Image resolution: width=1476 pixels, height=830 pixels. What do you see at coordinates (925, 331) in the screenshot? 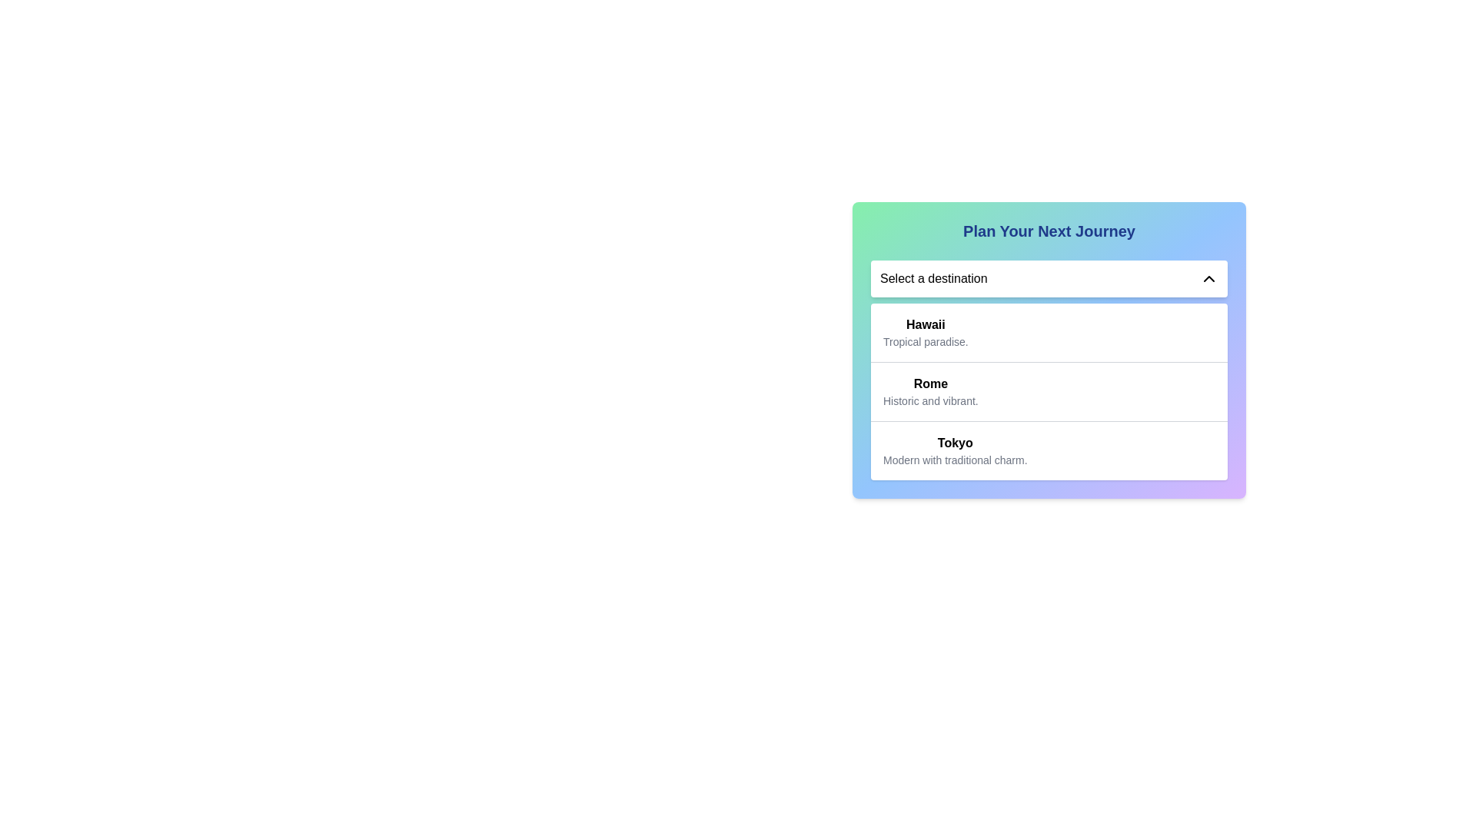
I see `the first entry in the drop-down menu displaying the name 'Hawaii'` at bounding box center [925, 331].